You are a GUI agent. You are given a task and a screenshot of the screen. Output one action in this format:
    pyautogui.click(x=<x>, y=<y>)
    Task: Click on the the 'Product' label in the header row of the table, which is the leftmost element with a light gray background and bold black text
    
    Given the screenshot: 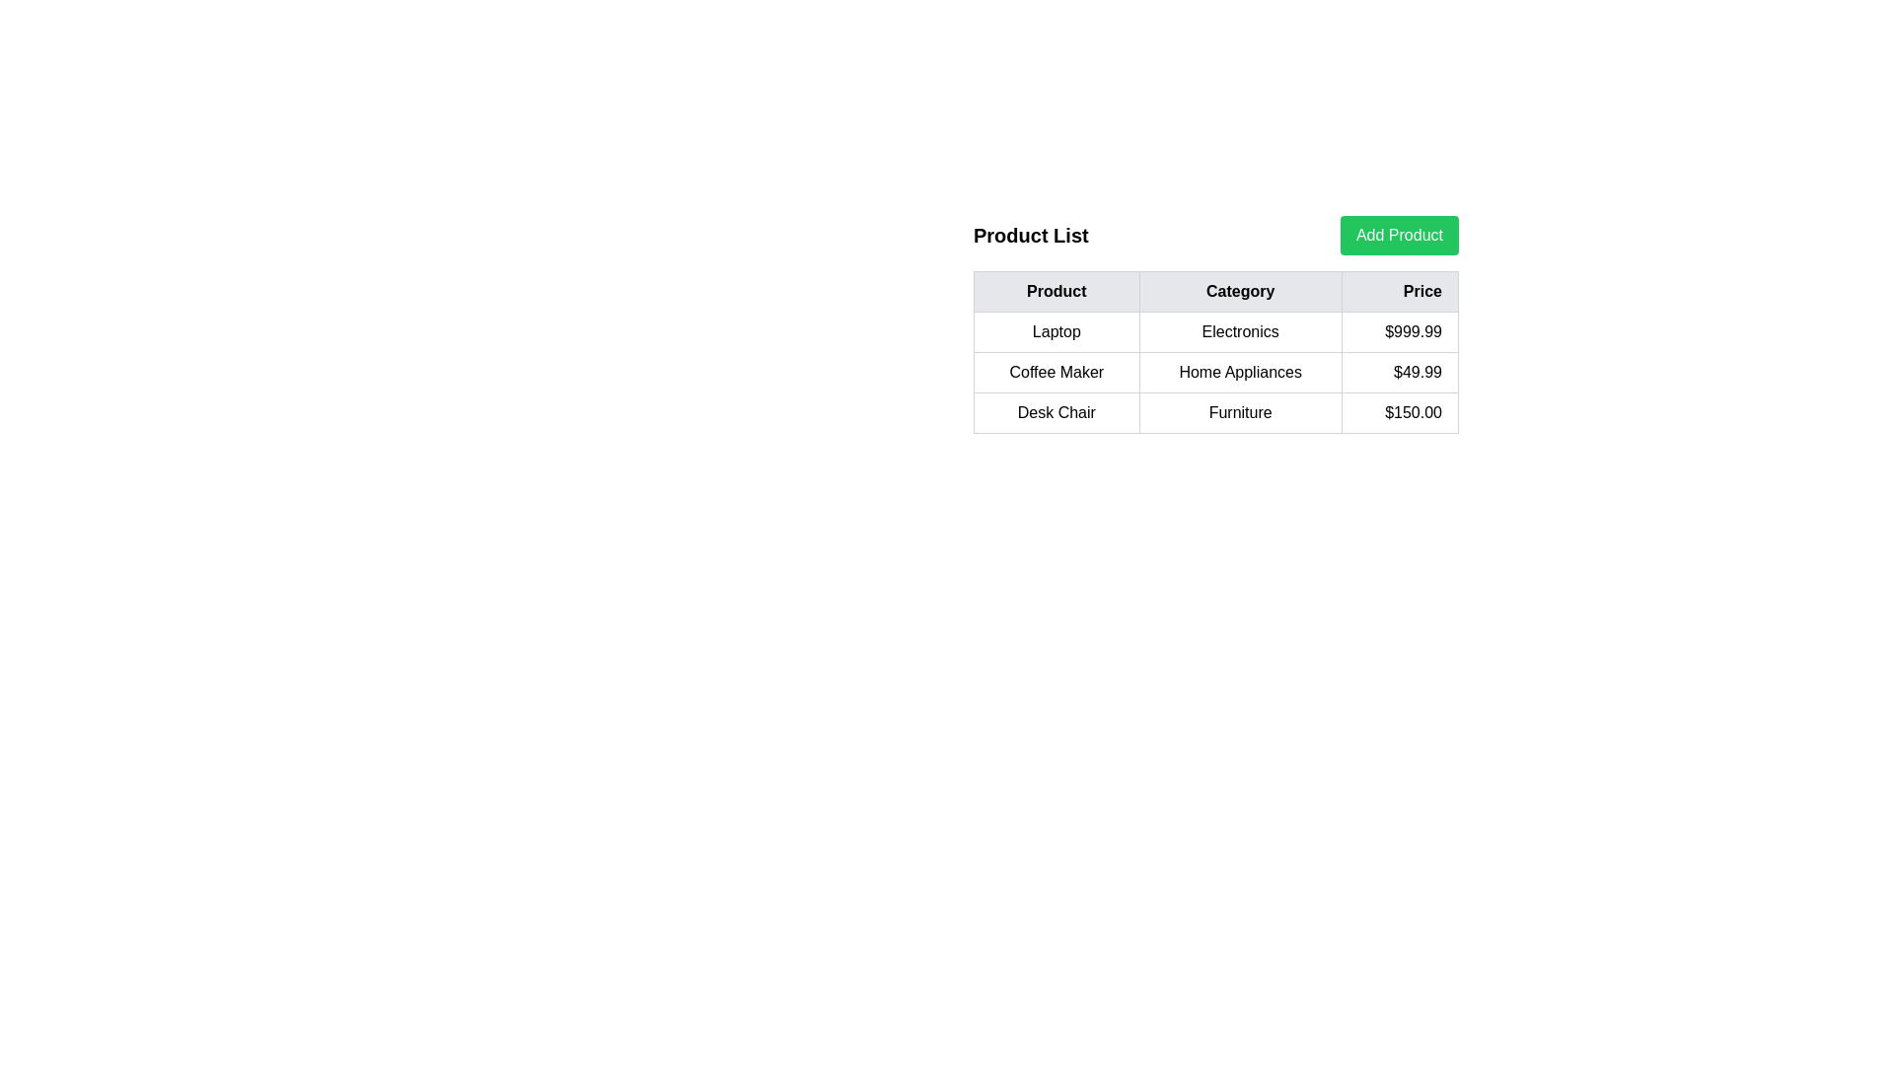 What is the action you would take?
    pyautogui.click(x=1056, y=292)
    